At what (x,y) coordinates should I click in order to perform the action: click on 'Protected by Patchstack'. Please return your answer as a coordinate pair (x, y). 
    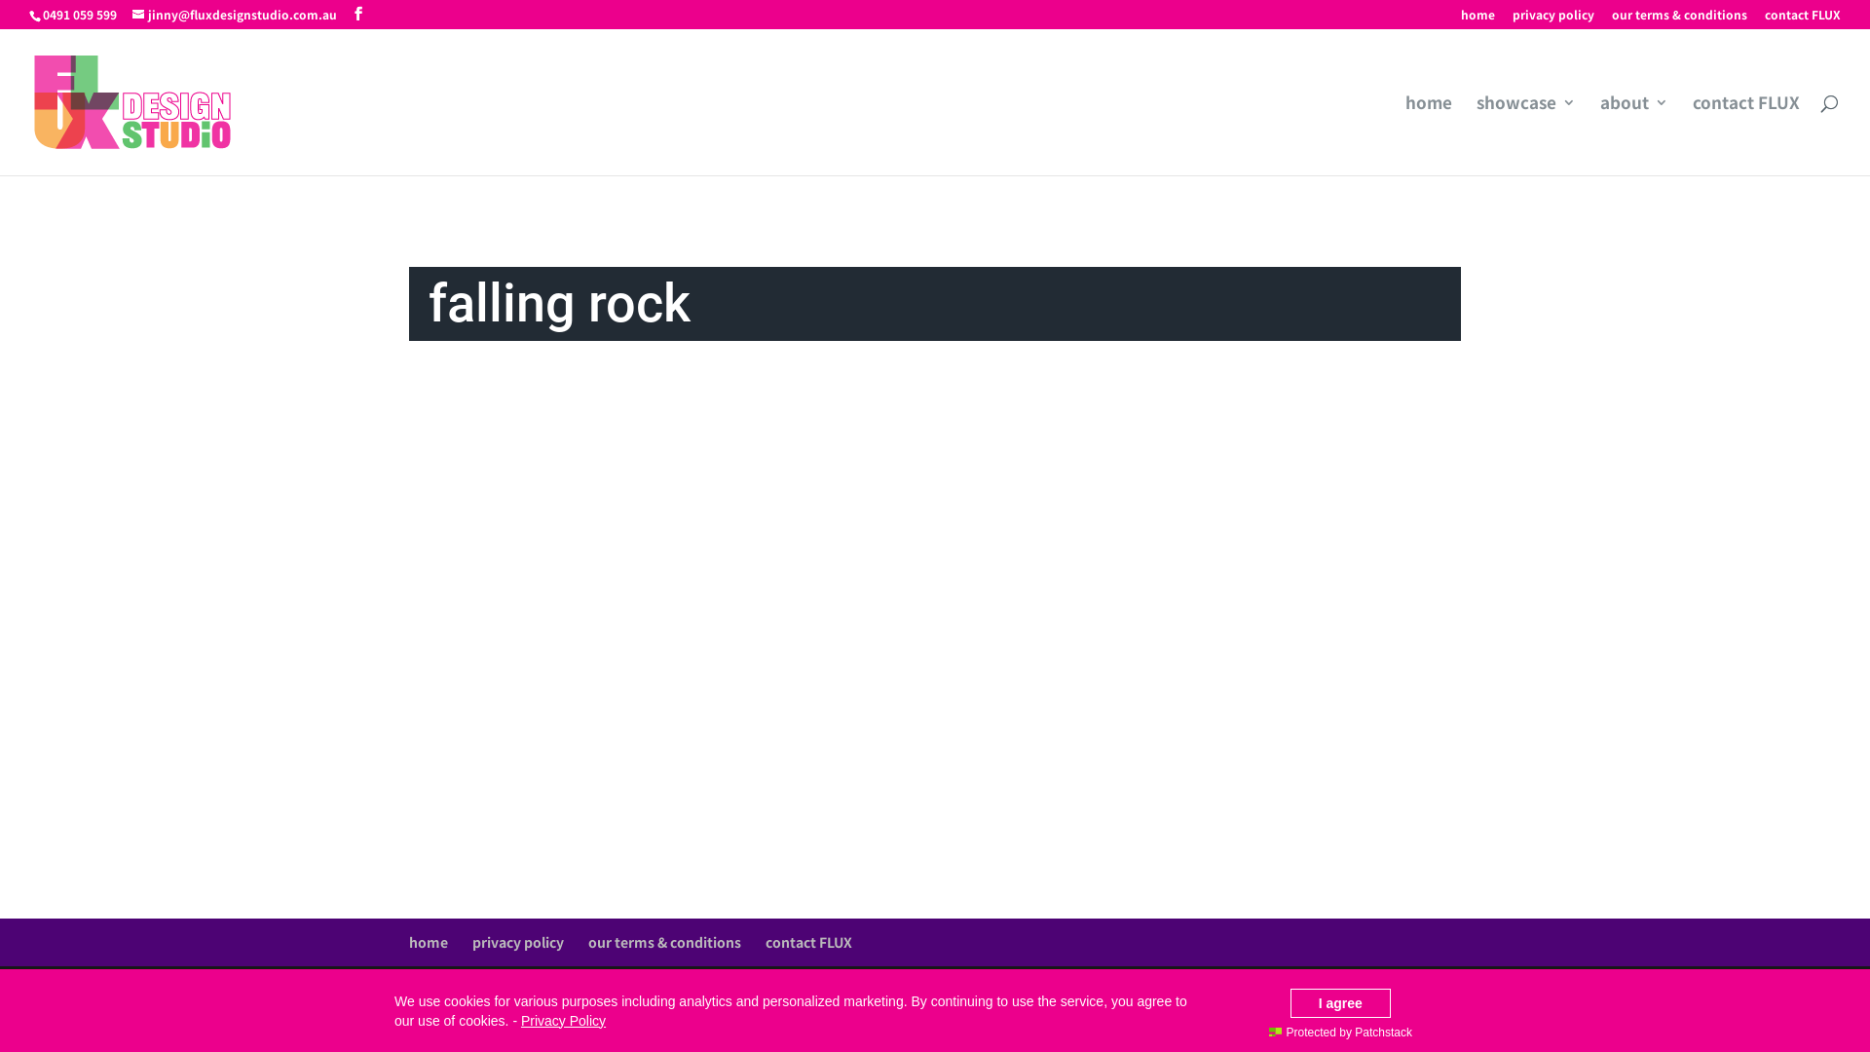
    Looking at the image, I should click on (1339, 1032).